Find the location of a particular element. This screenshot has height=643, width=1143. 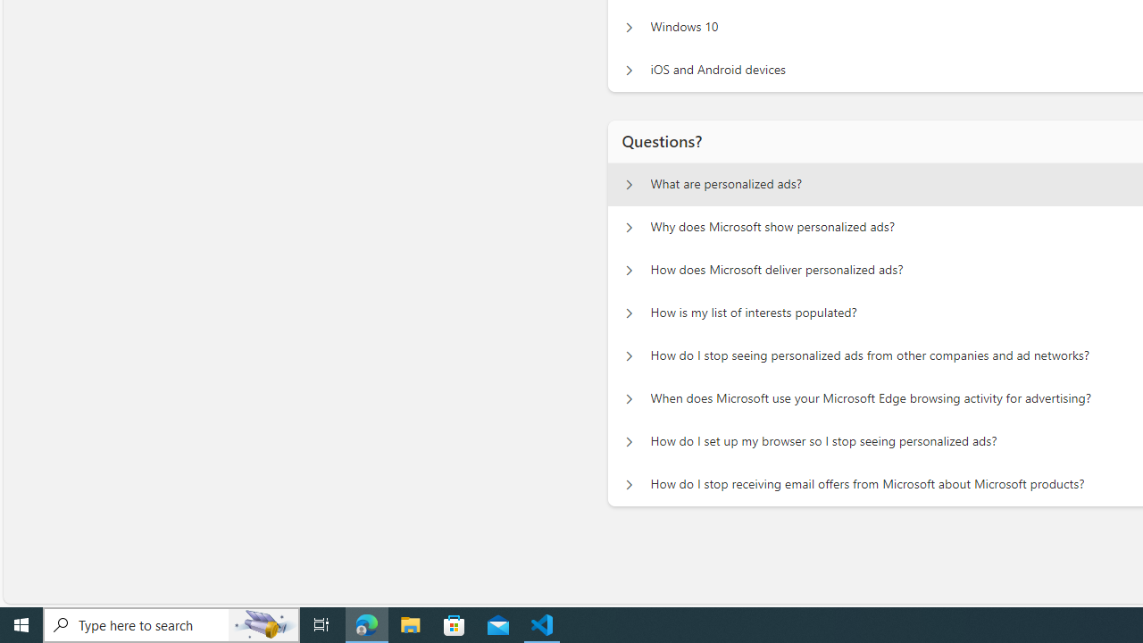

'Questions? How is my list of interests populated?' is located at coordinates (629, 313).